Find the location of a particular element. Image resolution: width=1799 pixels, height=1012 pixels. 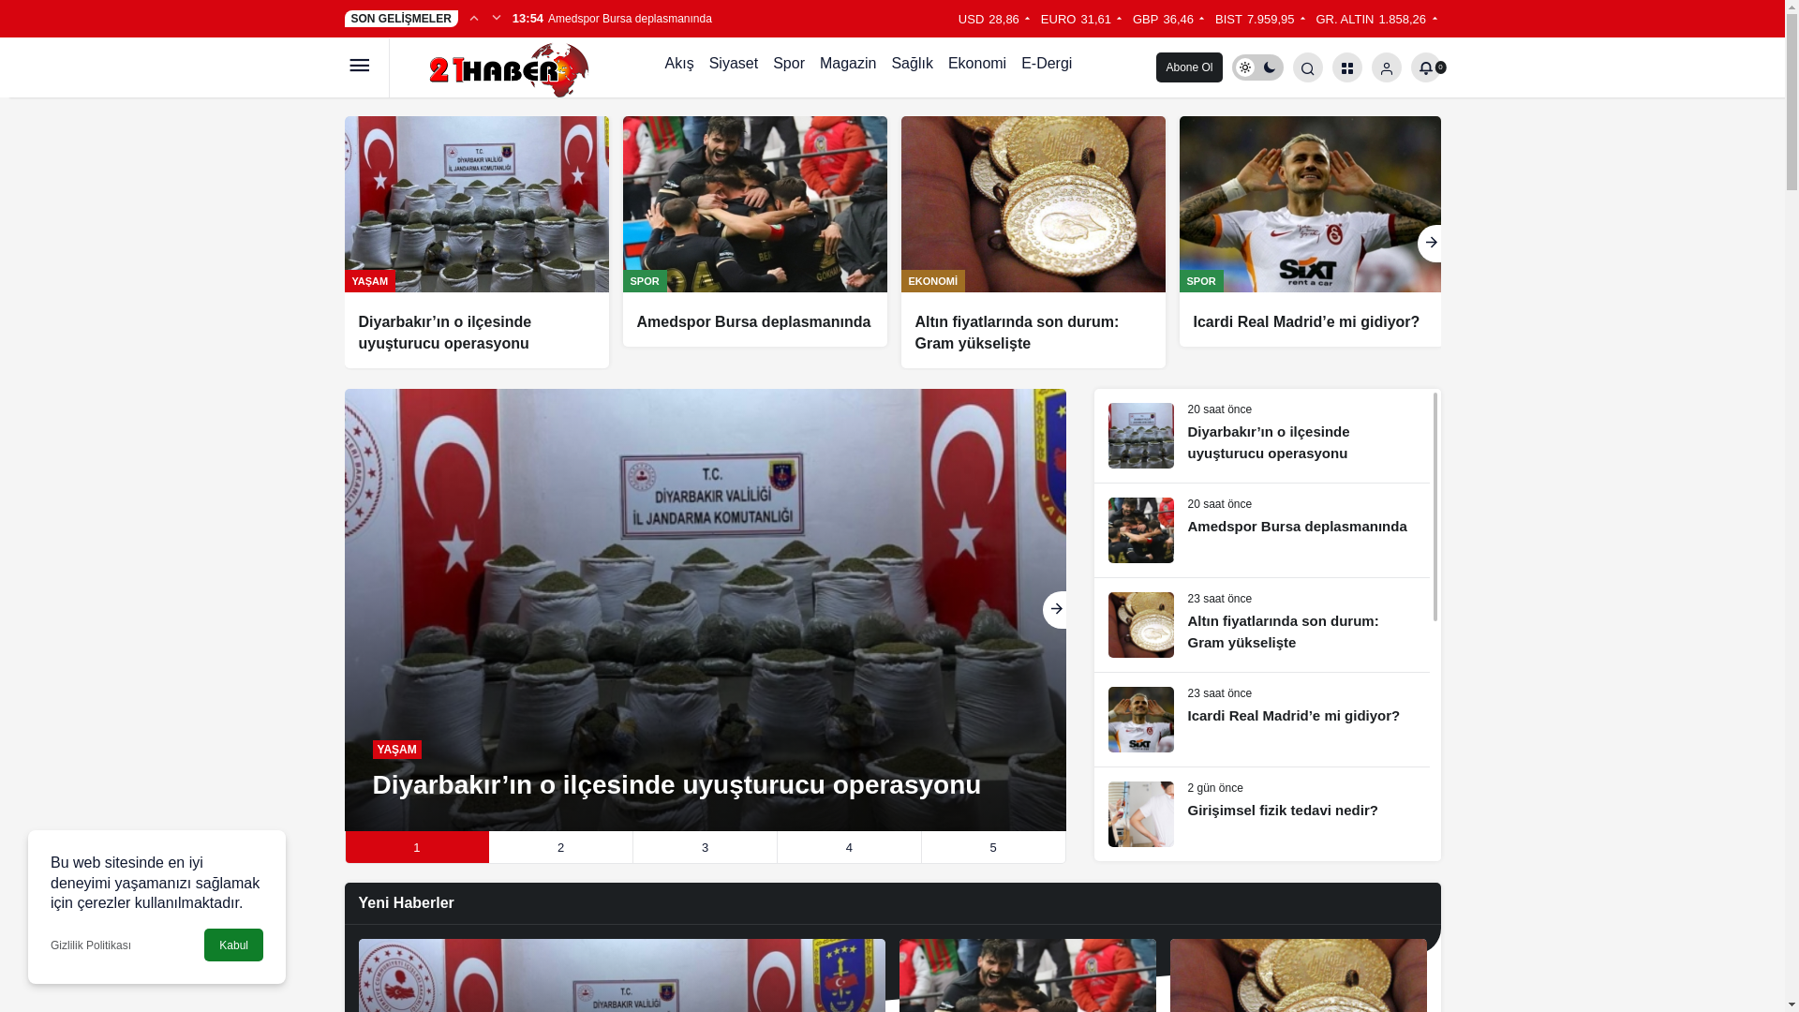

'E-Dergi' is located at coordinates (1046, 67).